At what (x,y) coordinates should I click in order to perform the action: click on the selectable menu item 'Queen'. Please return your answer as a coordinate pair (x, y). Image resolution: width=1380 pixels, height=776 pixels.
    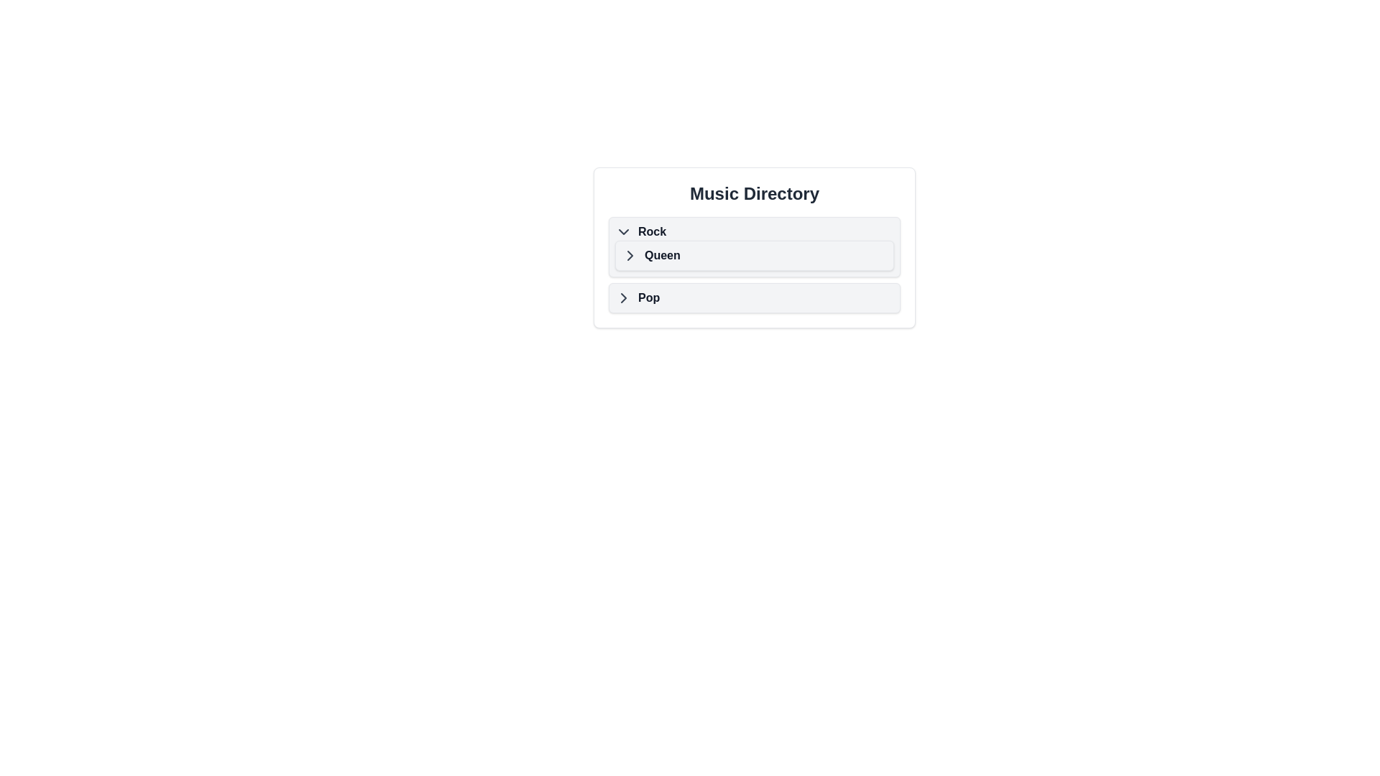
    Looking at the image, I should click on (754, 246).